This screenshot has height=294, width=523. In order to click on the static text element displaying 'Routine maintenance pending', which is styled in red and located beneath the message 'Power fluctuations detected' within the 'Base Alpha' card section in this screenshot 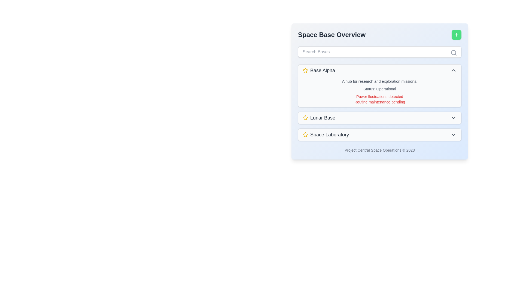, I will do `click(379, 102)`.